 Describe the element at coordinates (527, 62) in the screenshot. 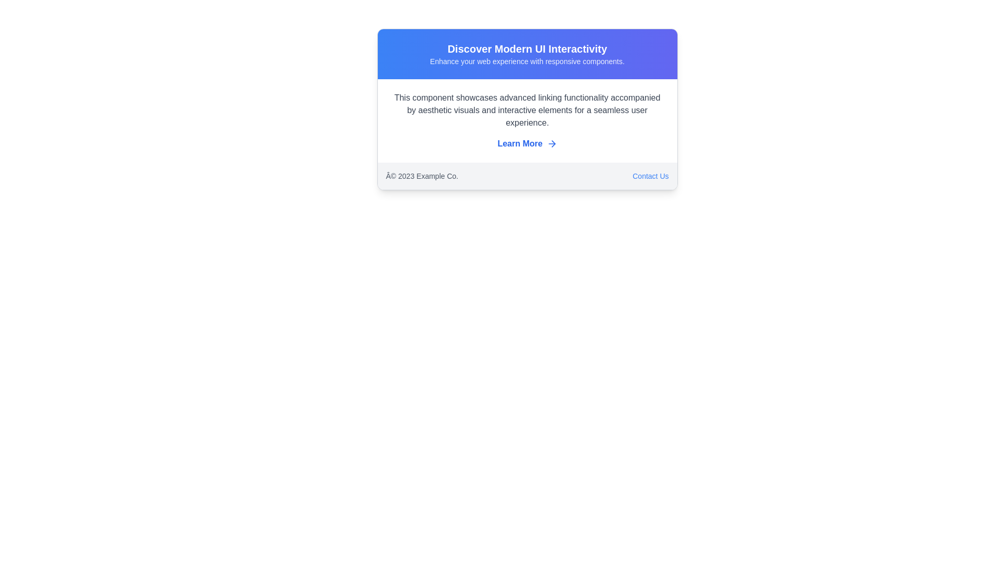

I see `the static text element located directly beneath the headline 'Discover Modern UI Interactivity', which provides additional context to the user` at that location.